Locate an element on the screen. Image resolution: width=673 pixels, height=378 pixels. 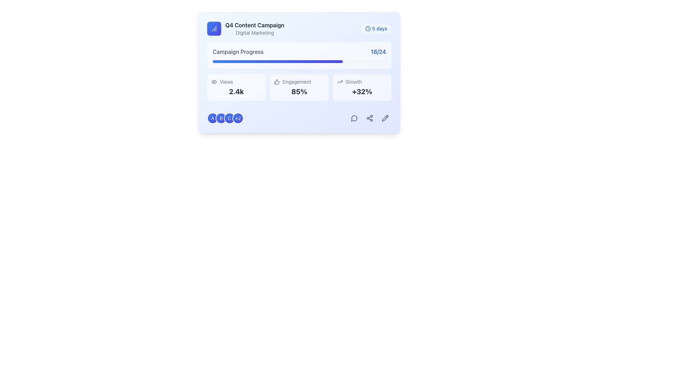
the sharing icon located in the bottom-right corner of the card layout, which is the second icon in a row of three is located at coordinates (369, 118).